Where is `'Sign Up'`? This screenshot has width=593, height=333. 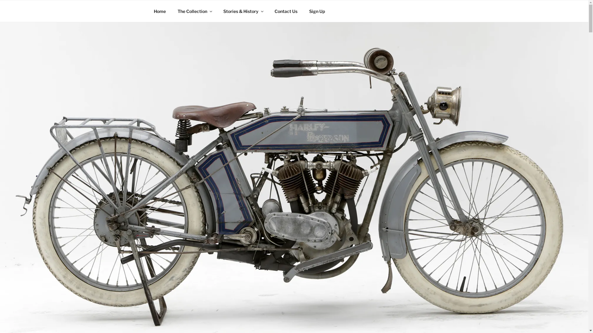 'Sign Up' is located at coordinates (304, 11).